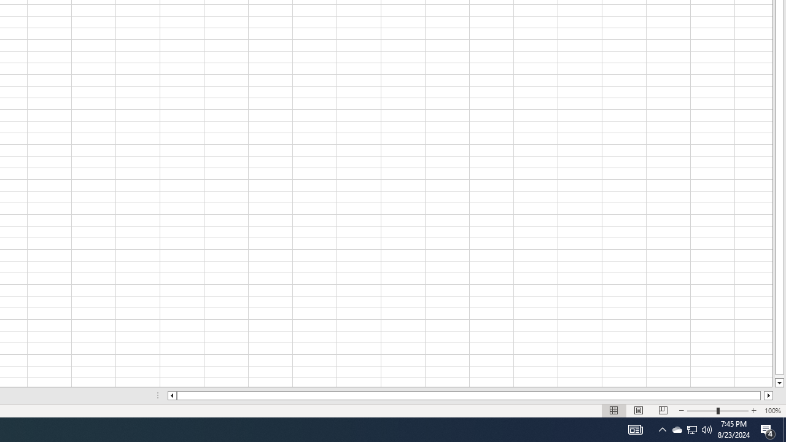 The image size is (786, 442). What do you see at coordinates (614, 411) in the screenshot?
I see `'Normal'` at bounding box center [614, 411].